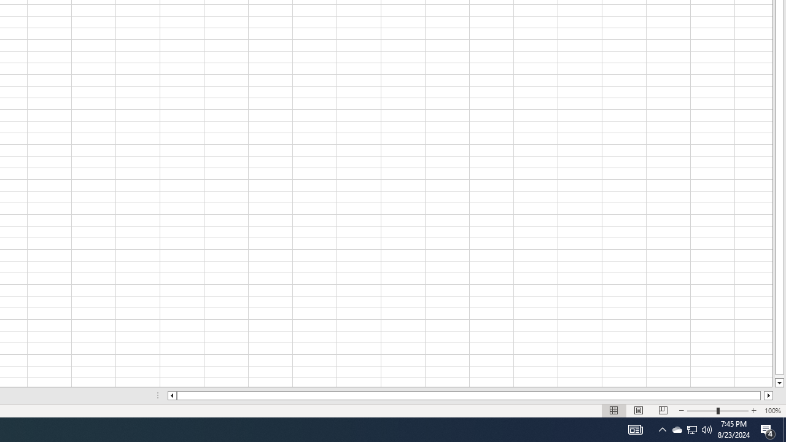 The image size is (786, 442). What do you see at coordinates (614, 411) in the screenshot?
I see `'Normal'` at bounding box center [614, 411].